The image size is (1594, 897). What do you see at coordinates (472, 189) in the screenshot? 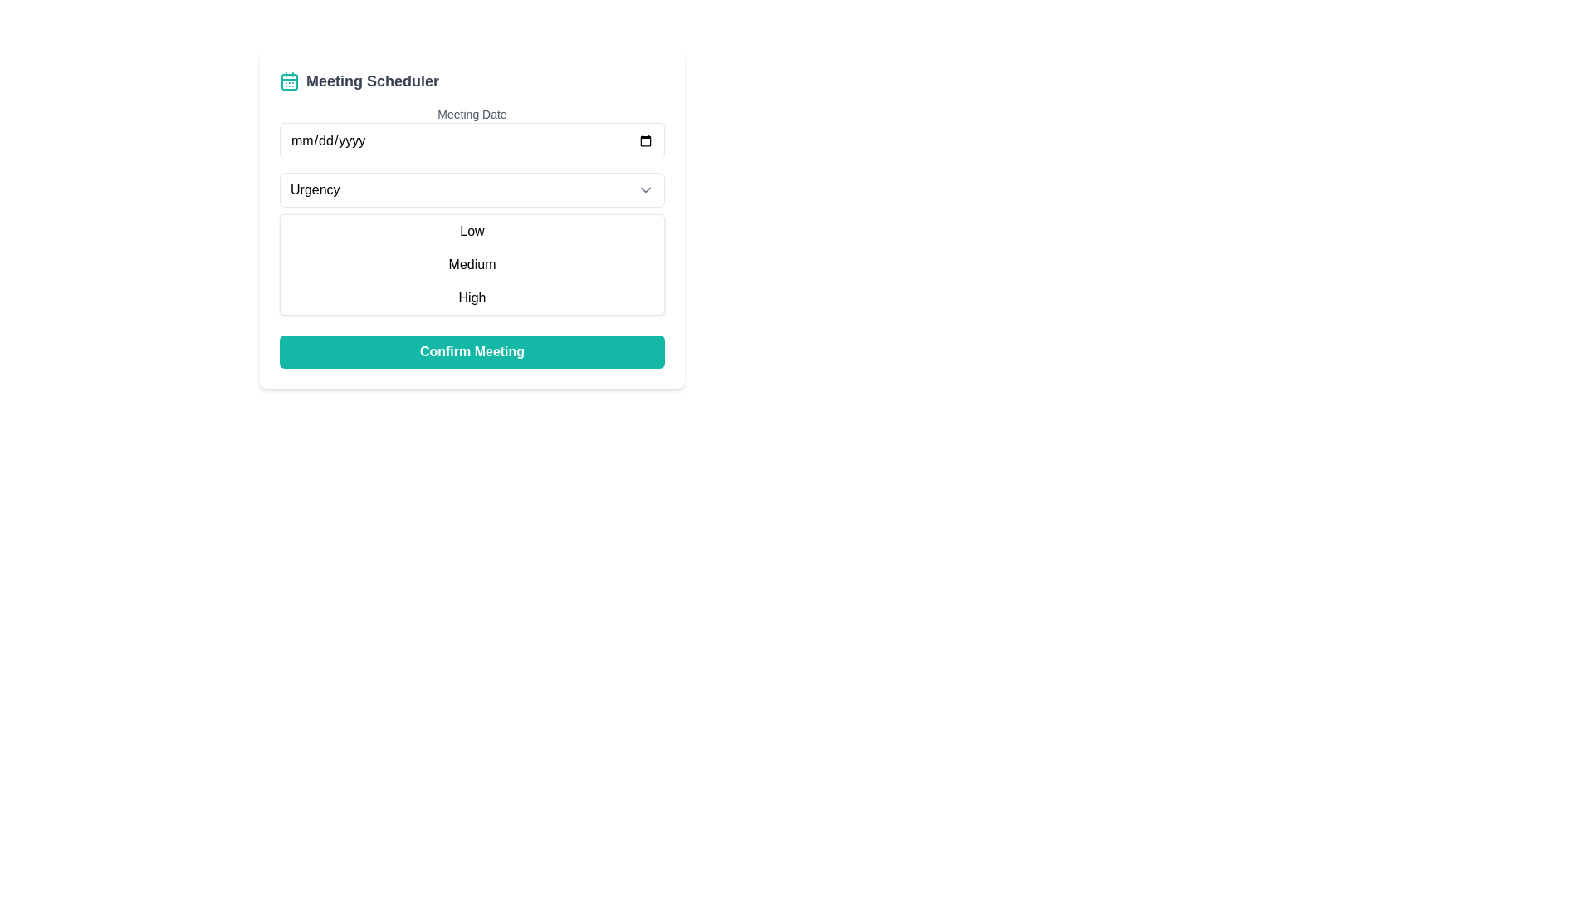
I see `the Dropdown Button located in the central upper part of the form` at bounding box center [472, 189].